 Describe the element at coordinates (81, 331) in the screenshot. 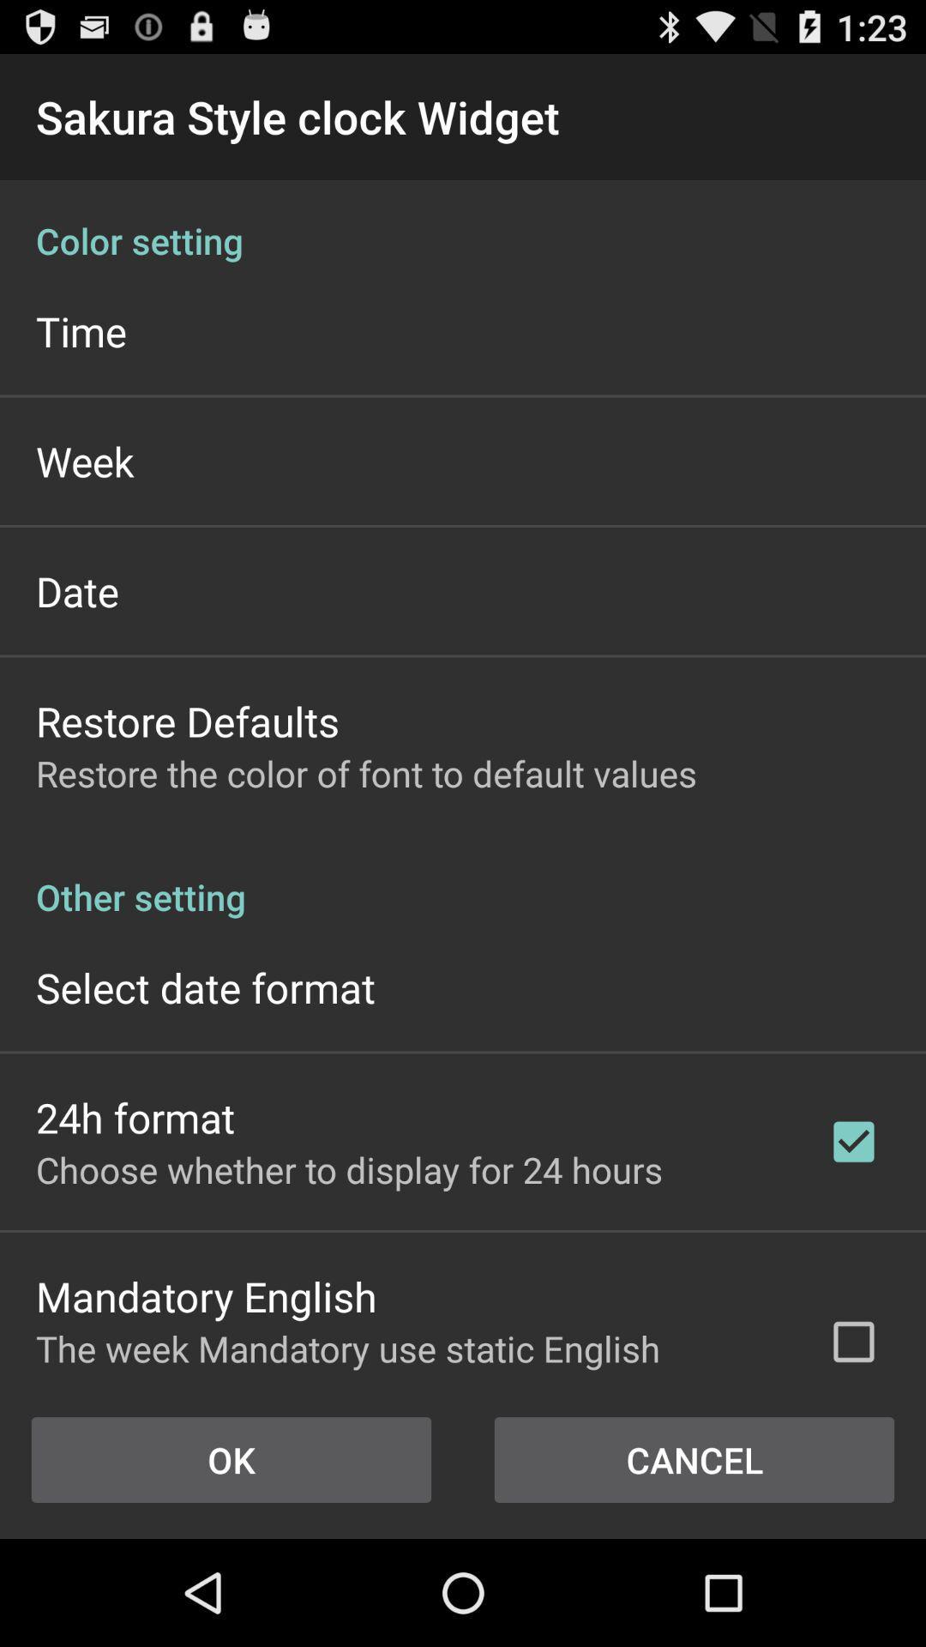

I see `item above week` at that location.